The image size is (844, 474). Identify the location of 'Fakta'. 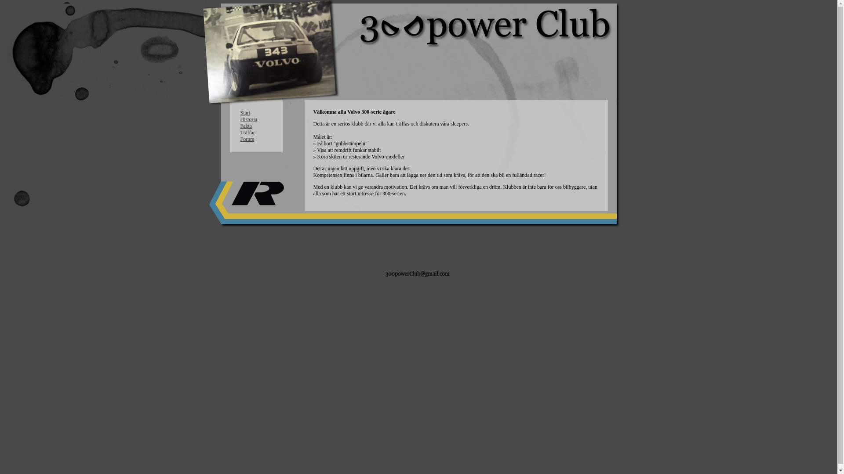
(240, 126).